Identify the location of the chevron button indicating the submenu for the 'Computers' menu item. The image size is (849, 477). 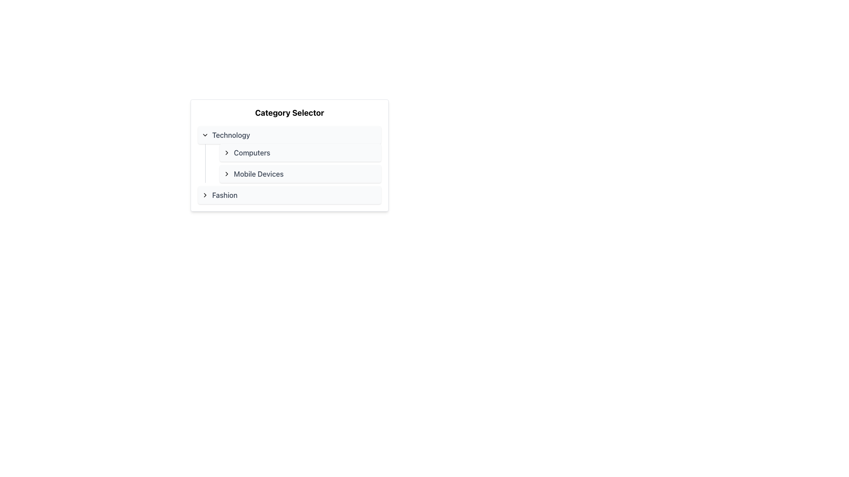
(227, 152).